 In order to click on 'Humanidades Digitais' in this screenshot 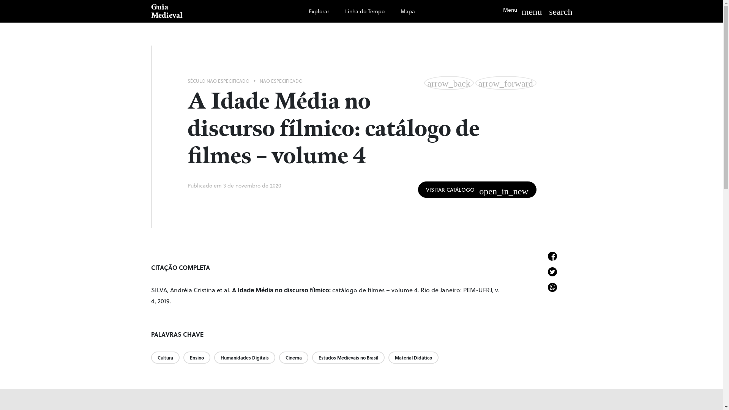, I will do `click(214, 357)`.